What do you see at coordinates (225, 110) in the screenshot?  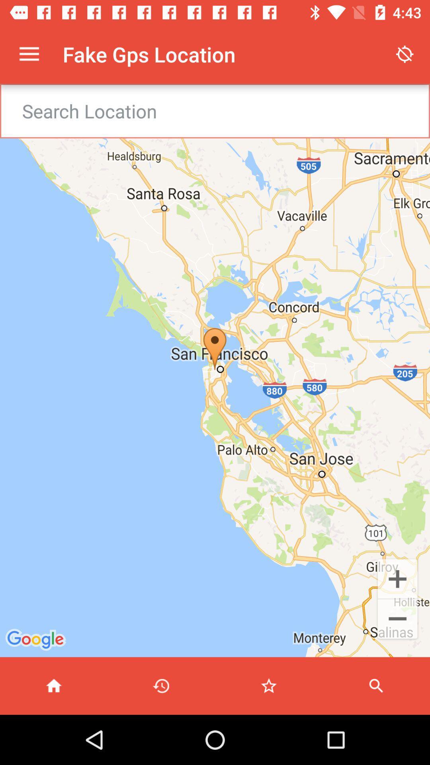 I see `type in location` at bounding box center [225, 110].